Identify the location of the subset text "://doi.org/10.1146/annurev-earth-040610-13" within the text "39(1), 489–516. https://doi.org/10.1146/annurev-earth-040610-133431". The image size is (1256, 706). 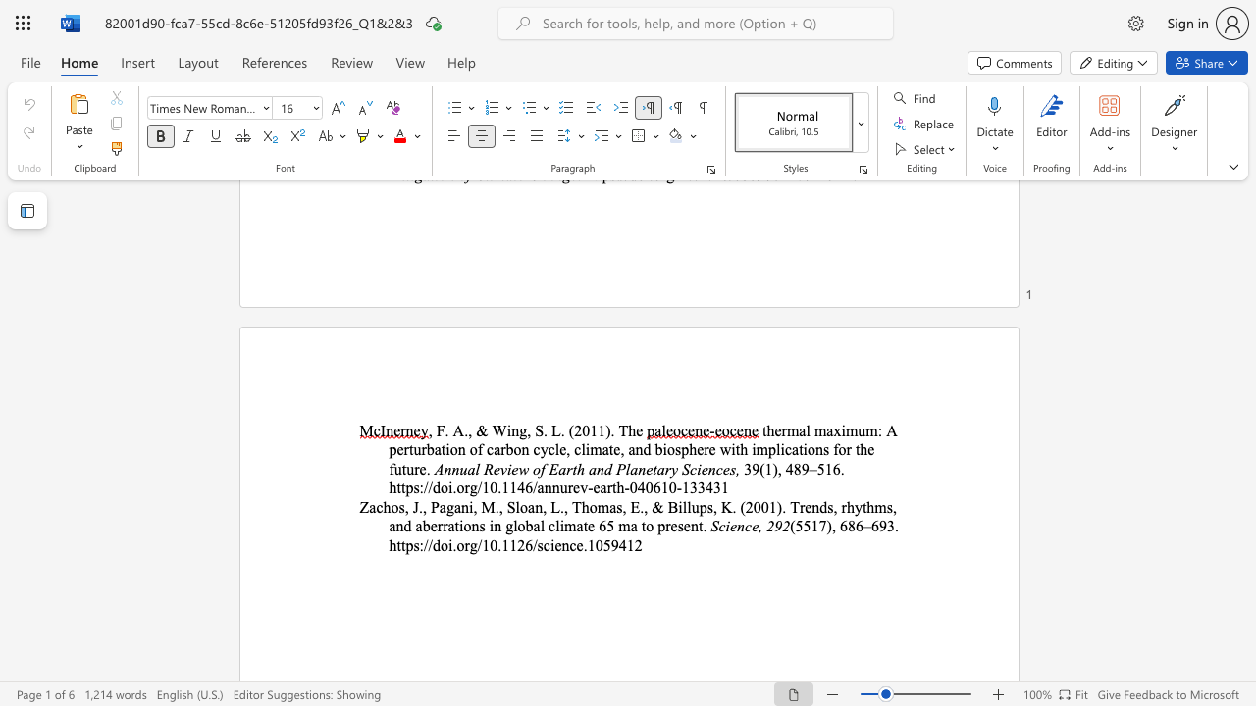
(418, 486).